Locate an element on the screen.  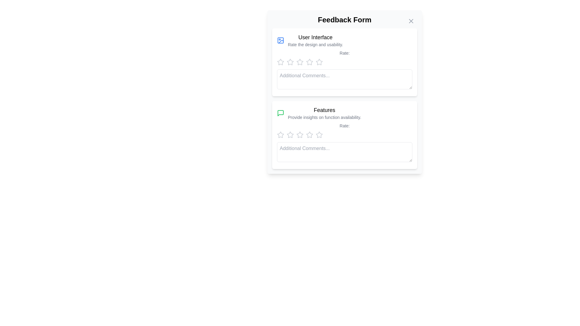
the sixth star-shaped rating icon in the 'Features' section of the feedback form is located at coordinates (310, 135).